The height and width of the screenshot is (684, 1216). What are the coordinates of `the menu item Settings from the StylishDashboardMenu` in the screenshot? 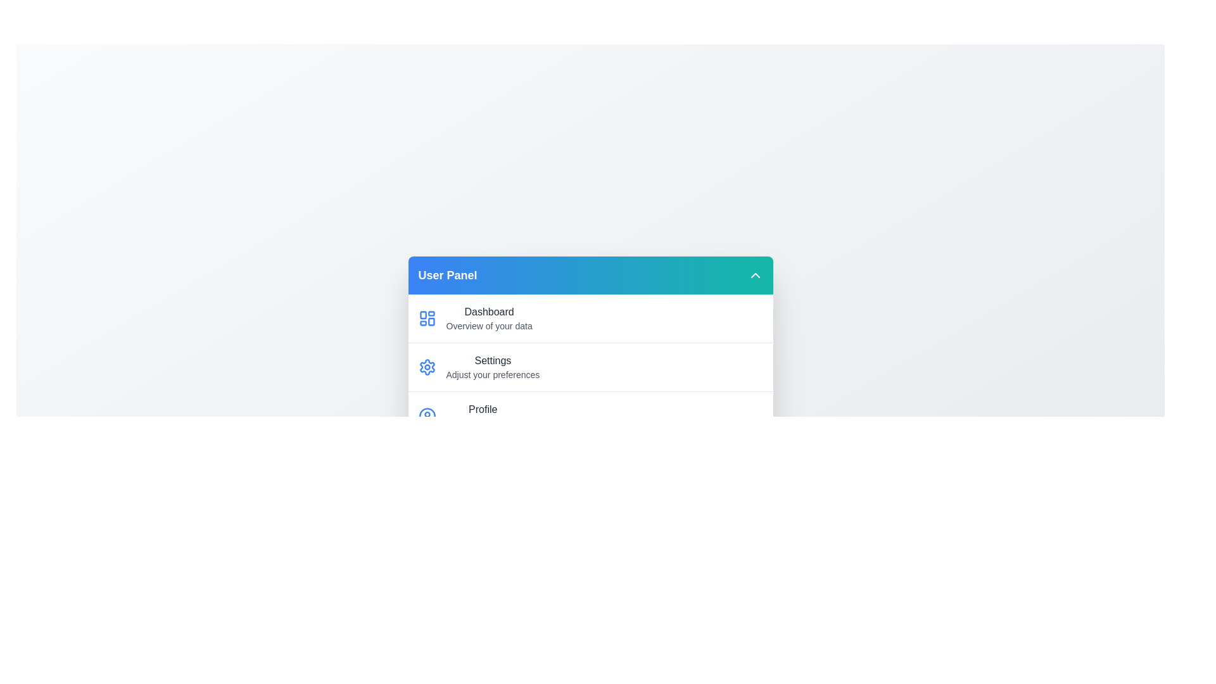 It's located at (590, 366).